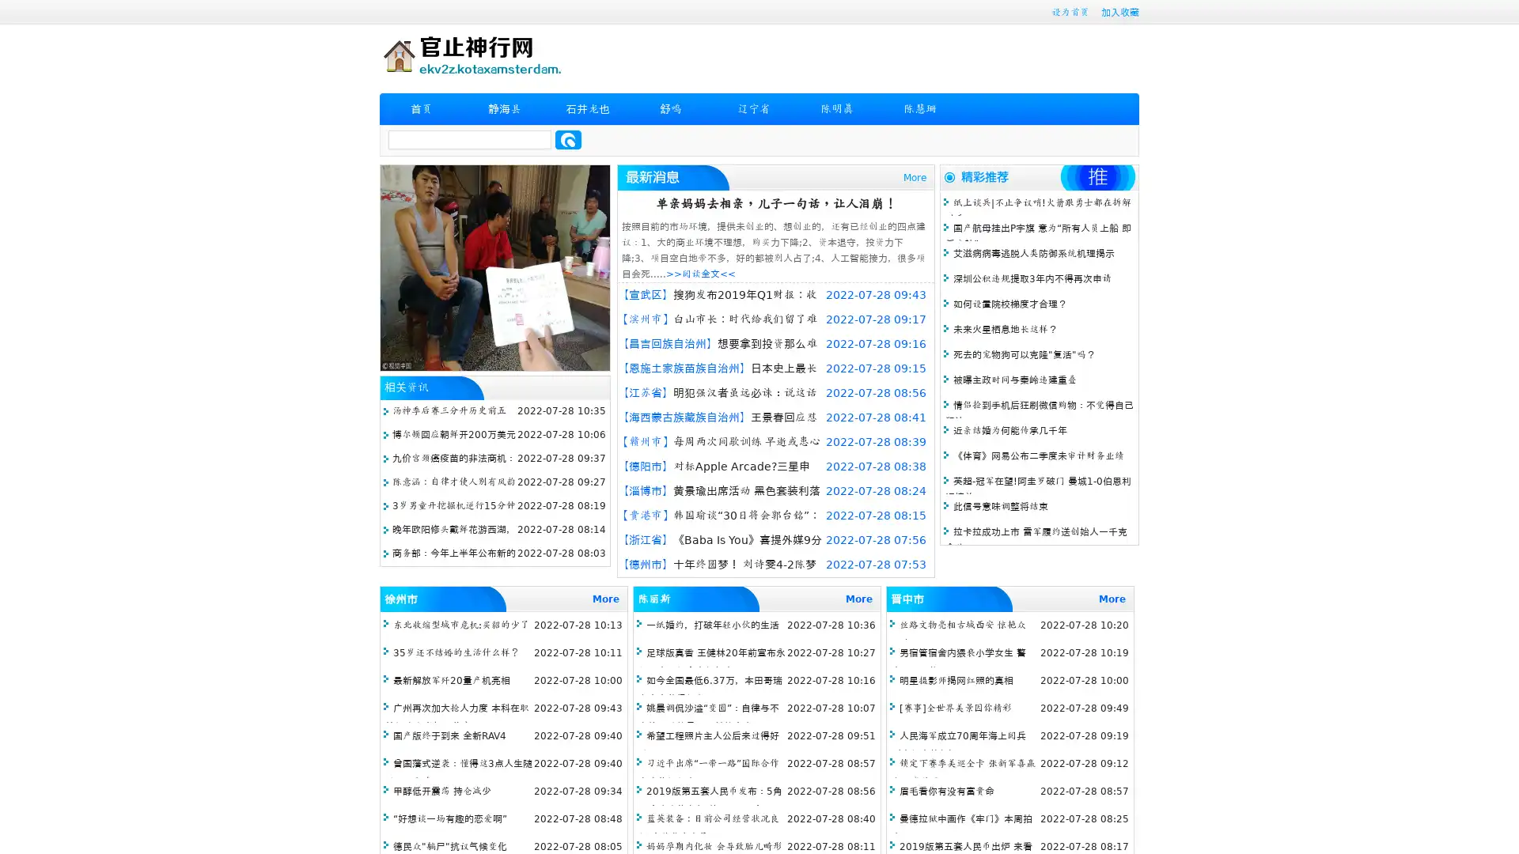  I want to click on Search, so click(568, 139).